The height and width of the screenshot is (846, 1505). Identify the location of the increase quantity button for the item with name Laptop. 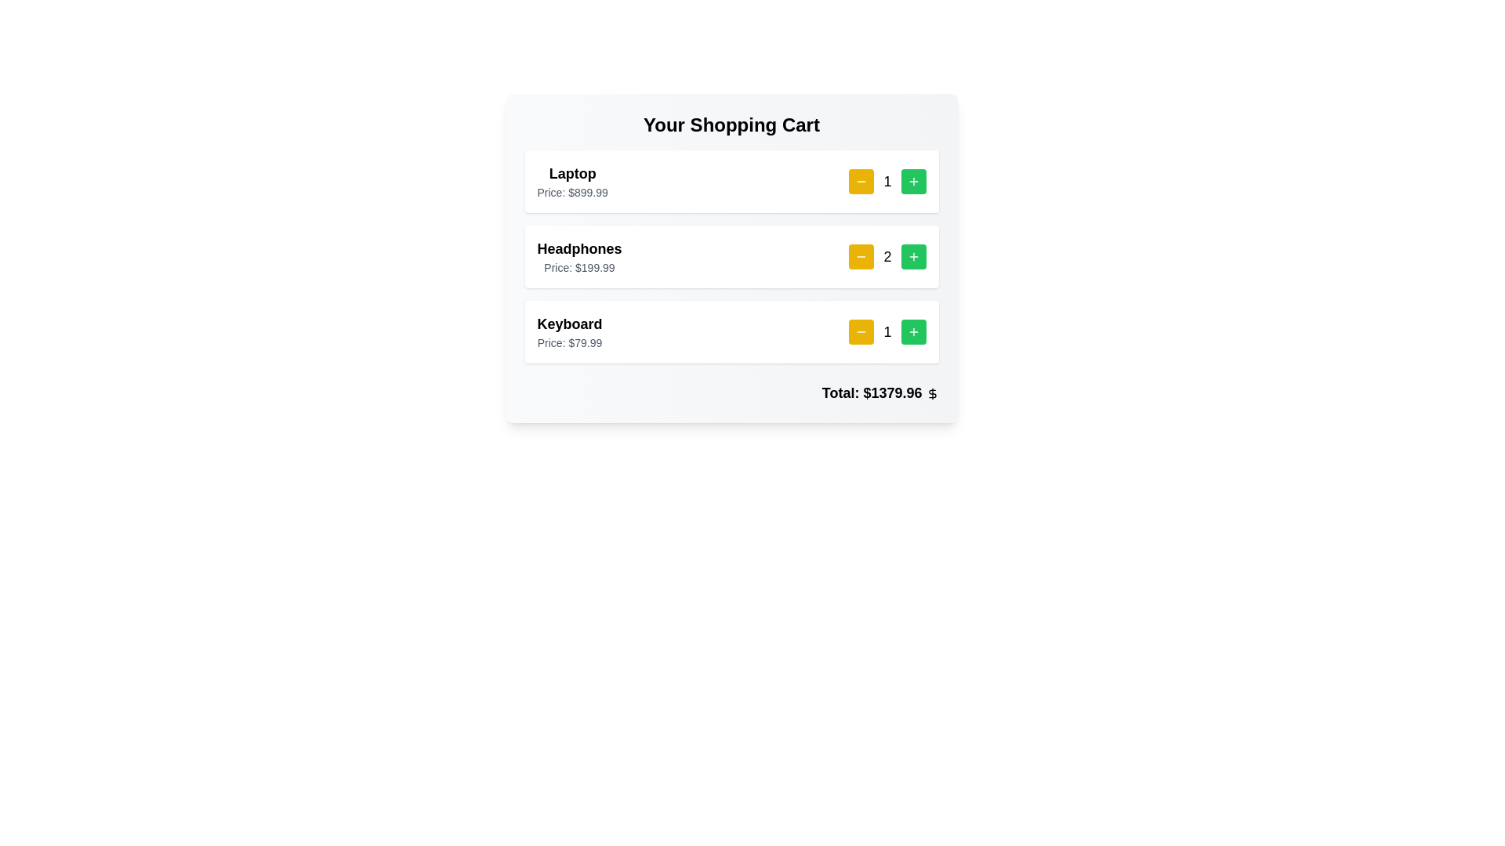
(913, 180).